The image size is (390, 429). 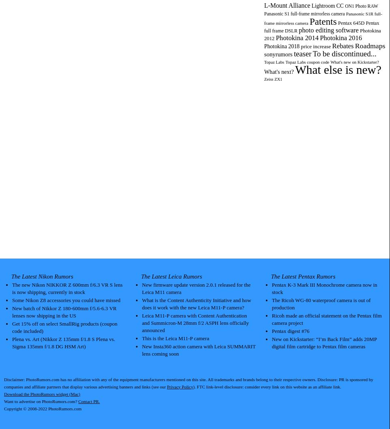 I want to click on 'What's next?', so click(x=278, y=71).